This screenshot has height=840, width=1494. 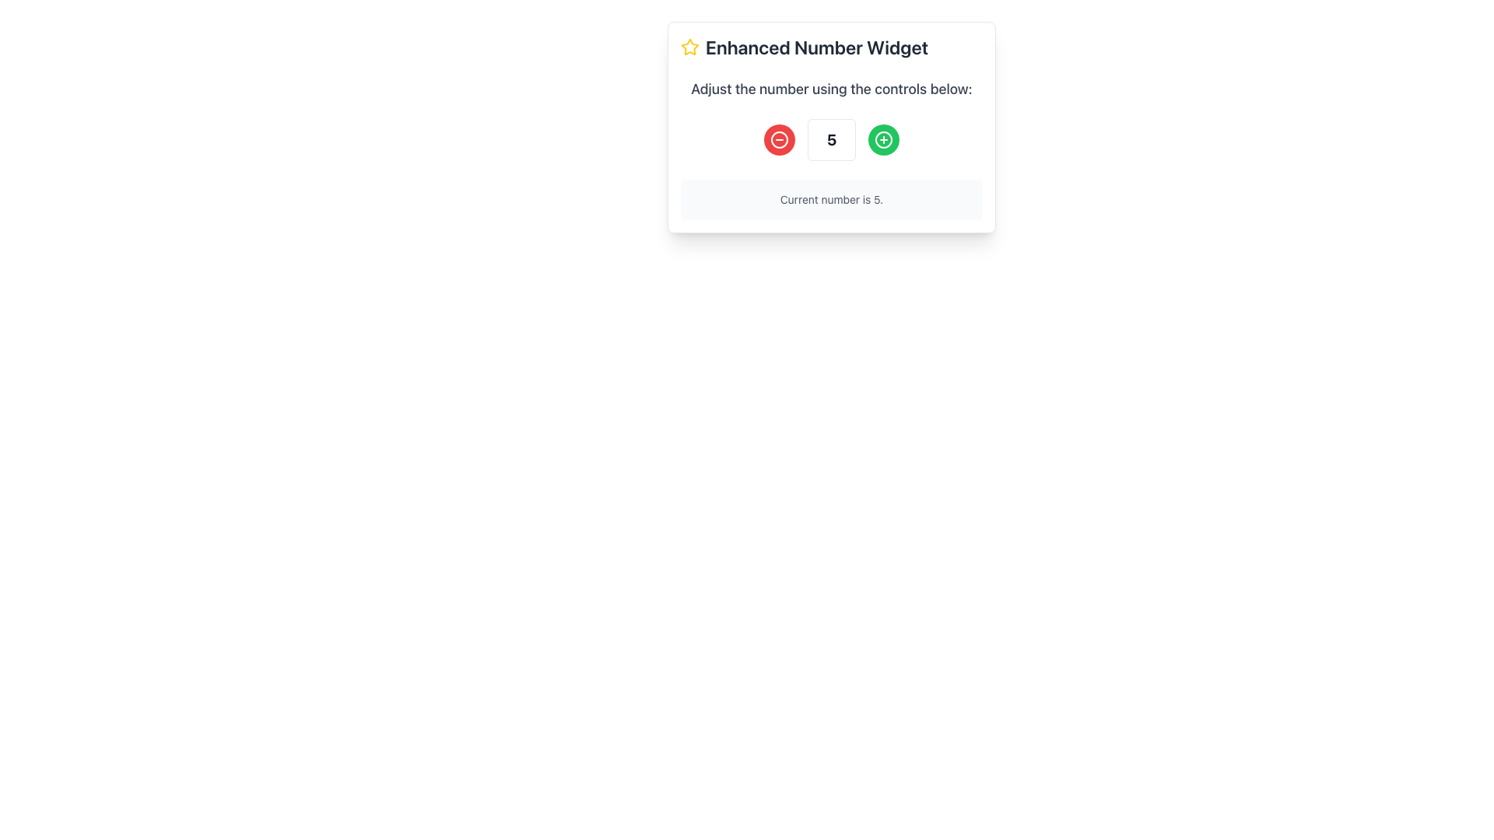 What do you see at coordinates (884, 140) in the screenshot?
I see `the increment button located to the right of the number display text box to increase the associated number` at bounding box center [884, 140].